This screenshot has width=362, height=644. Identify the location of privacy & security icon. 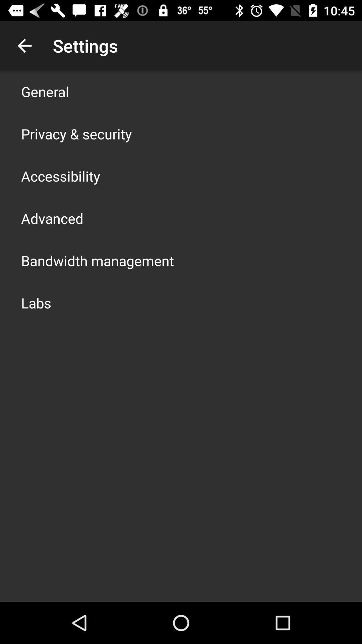
(76, 133).